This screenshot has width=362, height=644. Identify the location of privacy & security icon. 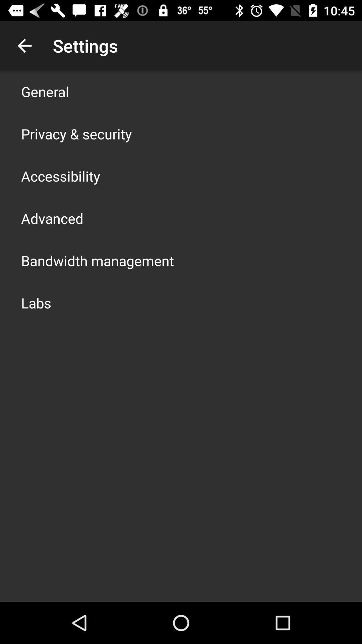
(76, 133).